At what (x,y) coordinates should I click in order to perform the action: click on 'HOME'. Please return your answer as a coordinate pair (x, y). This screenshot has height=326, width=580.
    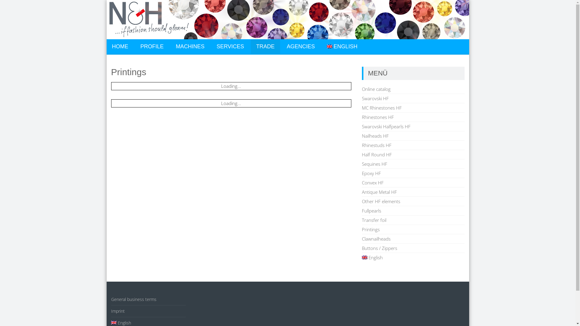
    Looking at the image, I should click on (120, 46).